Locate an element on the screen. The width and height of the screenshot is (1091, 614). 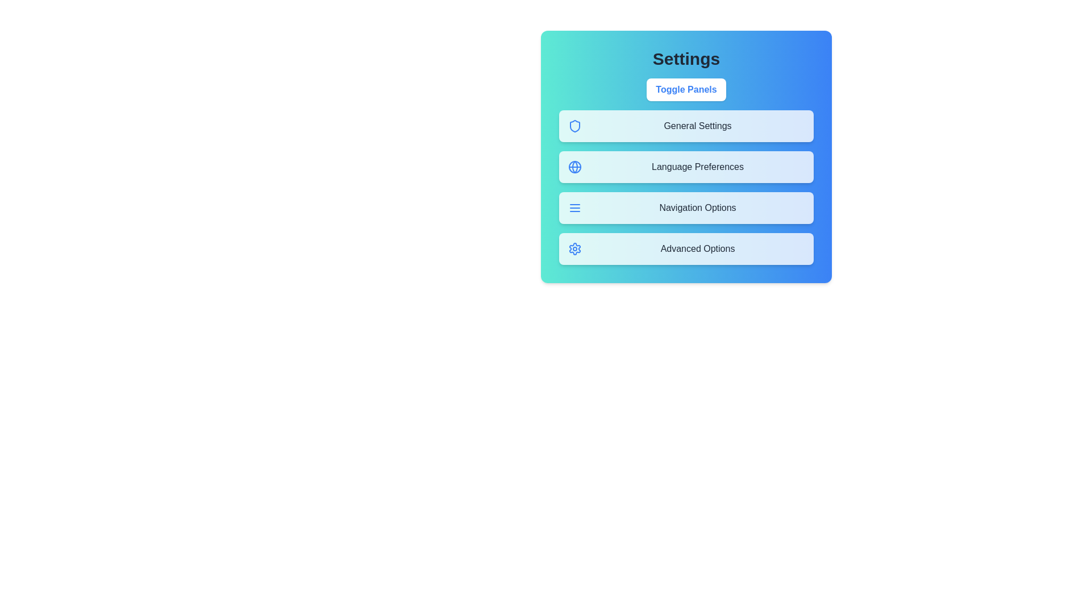
the icon representing Advanced Options to inspect it is located at coordinates (575, 248).